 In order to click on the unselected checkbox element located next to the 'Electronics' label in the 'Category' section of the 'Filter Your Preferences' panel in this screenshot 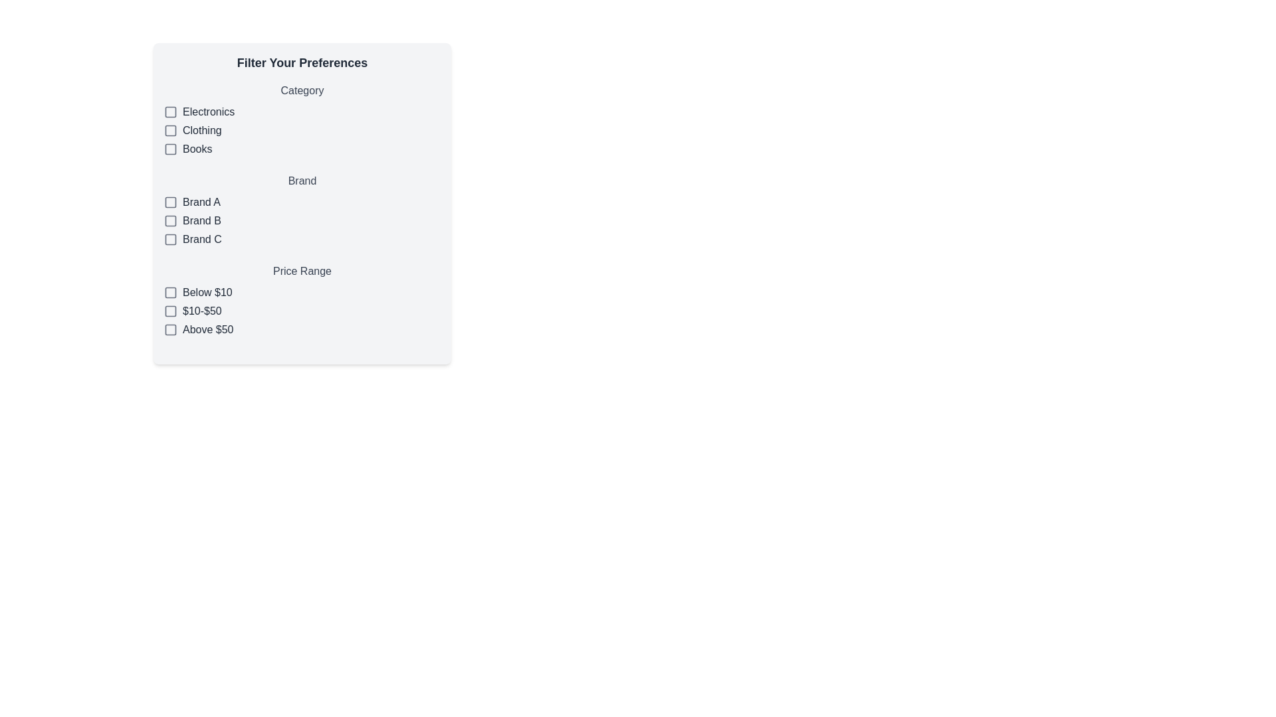, I will do `click(170, 112)`.